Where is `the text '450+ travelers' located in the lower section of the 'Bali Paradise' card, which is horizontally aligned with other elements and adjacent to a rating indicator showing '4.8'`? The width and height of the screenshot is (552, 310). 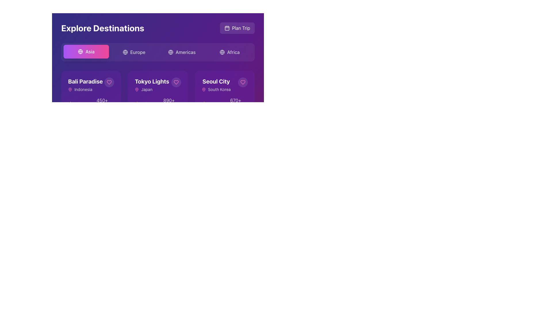 the text '450+ travelers' located in the lower section of the 'Bali Paradise' card, which is horizontally aligned with other elements and adjacent to a rating indicator showing '4.8' is located at coordinates (100, 104).